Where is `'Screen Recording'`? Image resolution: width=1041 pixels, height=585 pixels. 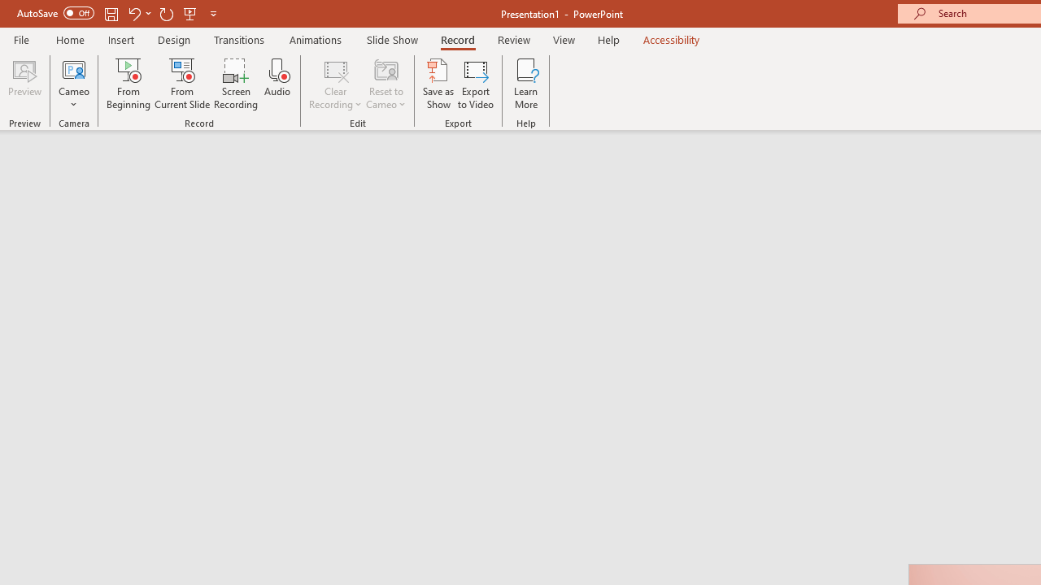
'Screen Recording' is located at coordinates (235, 84).